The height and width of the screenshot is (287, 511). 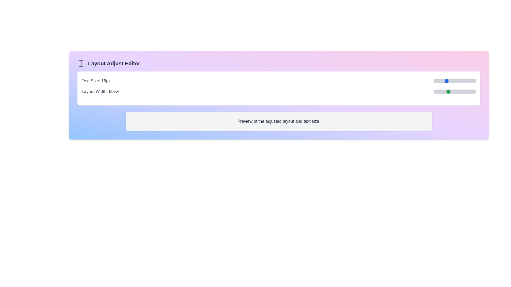 What do you see at coordinates (470, 91) in the screenshot?
I see `the slider` at bounding box center [470, 91].